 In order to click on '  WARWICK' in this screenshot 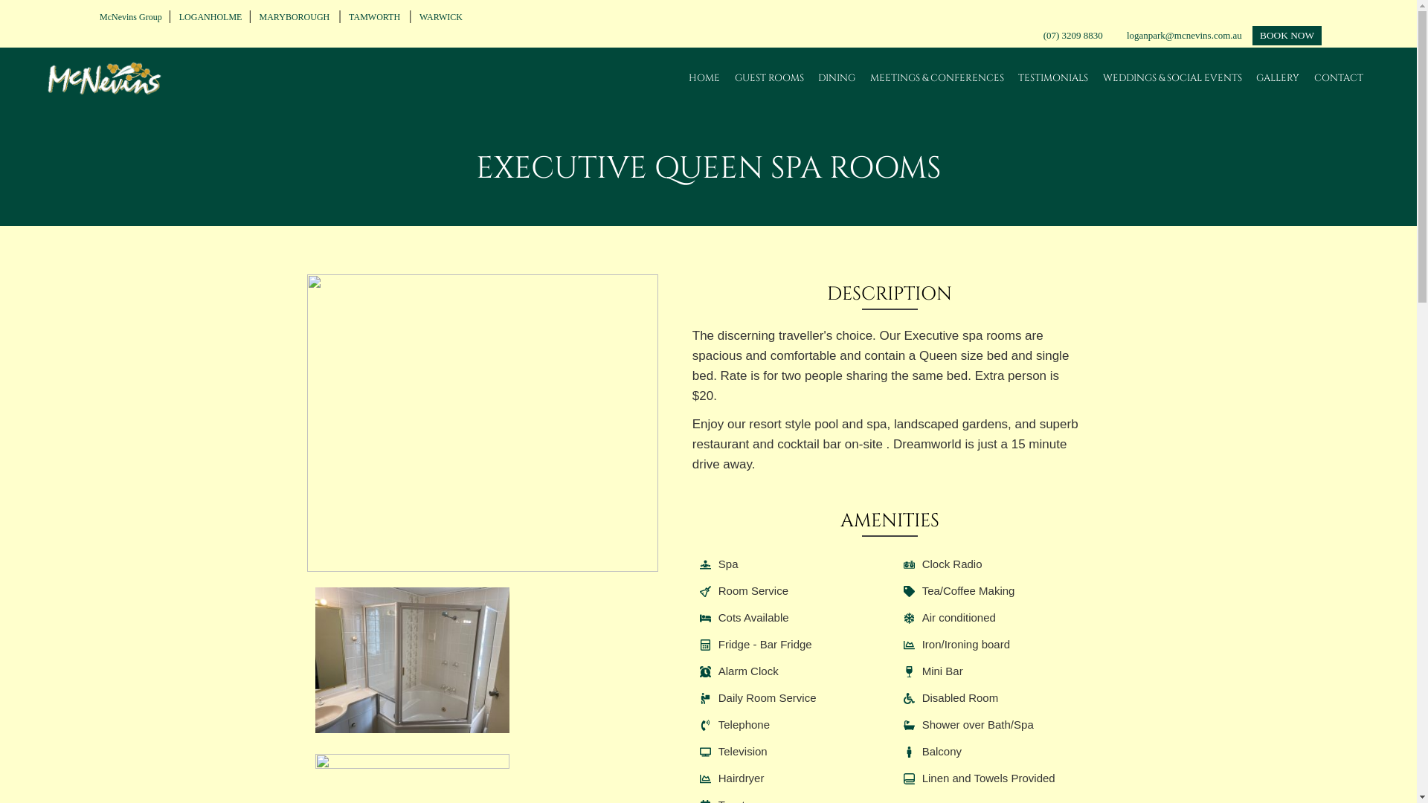, I will do `click(414, 17)`.